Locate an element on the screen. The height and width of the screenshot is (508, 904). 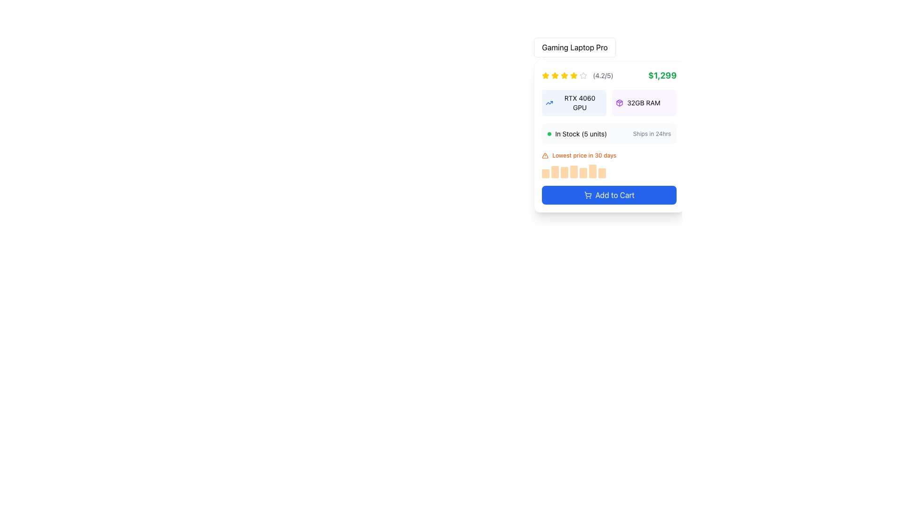
informational panel labeled 'In Stock (5 units)' and 'Ships in 24hrs' located beneath the specifications on the product details card is located at coordinates (609, 134).